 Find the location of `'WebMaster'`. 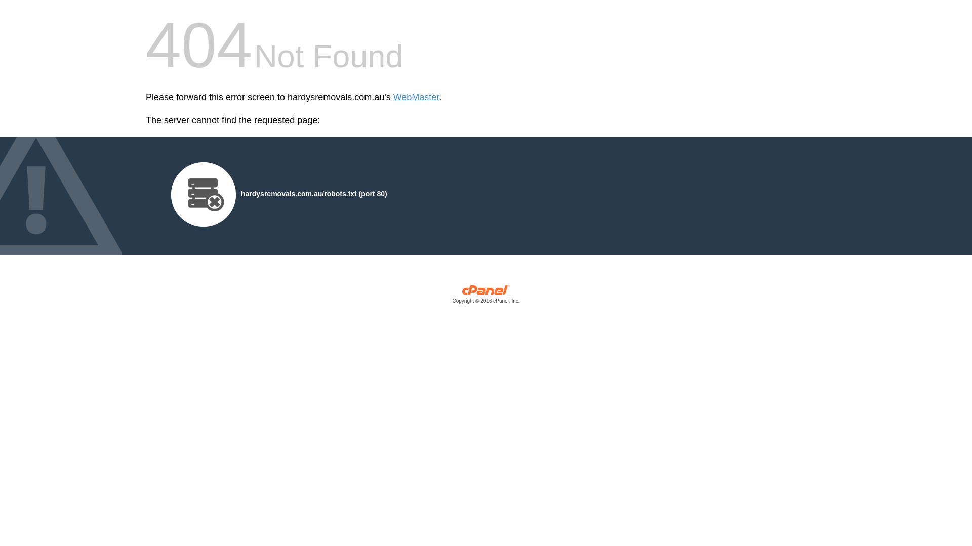

'WebMaster' is located at coordinates (393, 97).